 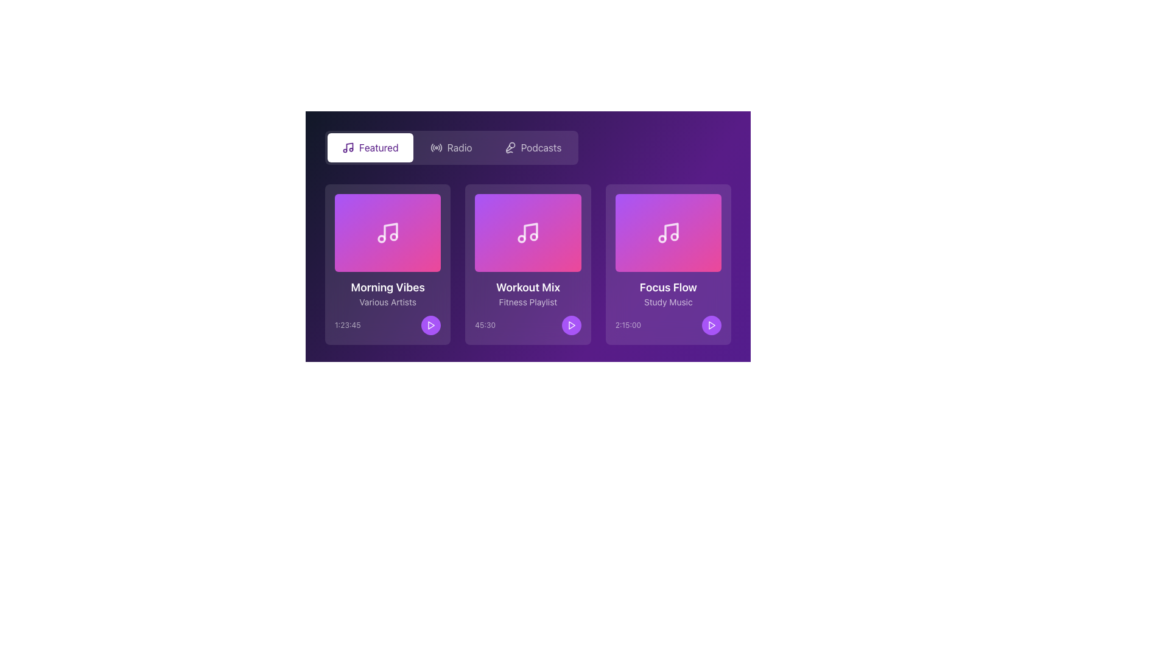 I want to click on the play button located at the bottom-right corner of the 'Focus Flow - Study Music' card to initiate playback of the playlist or track, so click(x=711, y=325).